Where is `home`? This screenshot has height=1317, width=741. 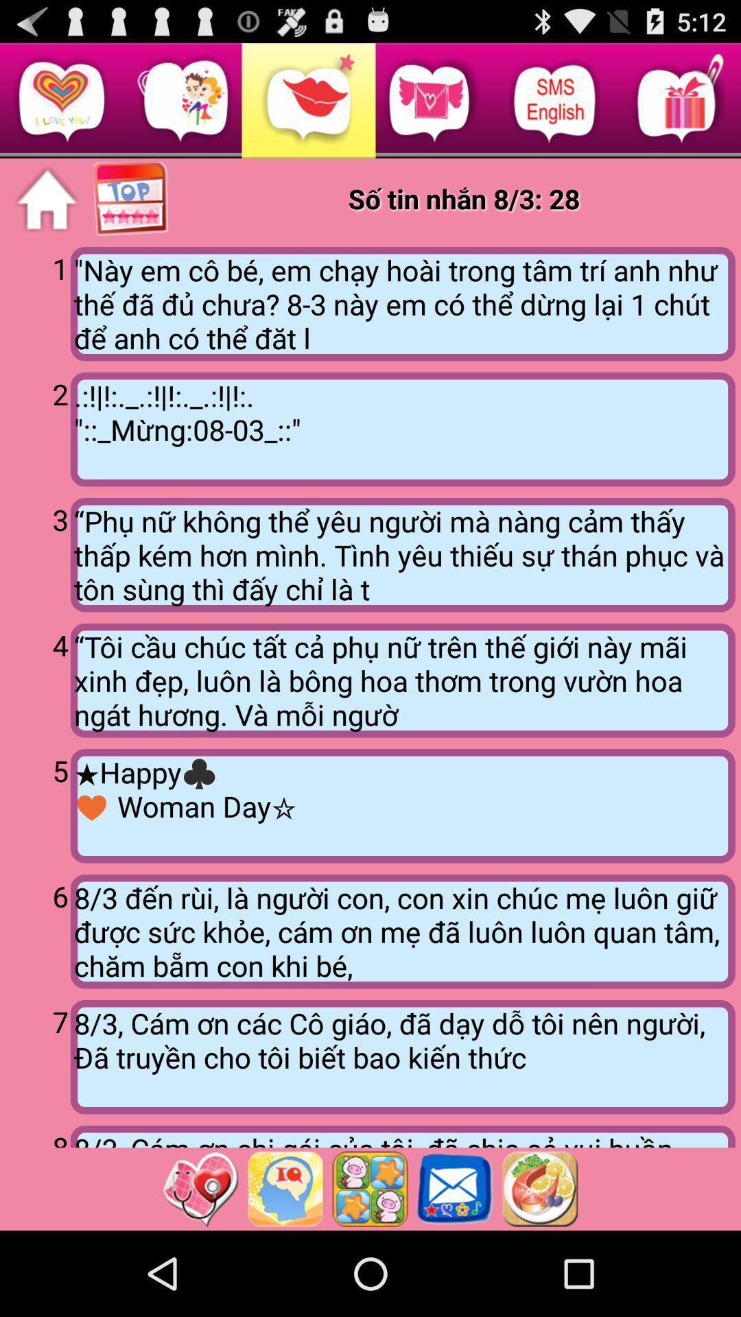 home is located at coordinates (46, 199).